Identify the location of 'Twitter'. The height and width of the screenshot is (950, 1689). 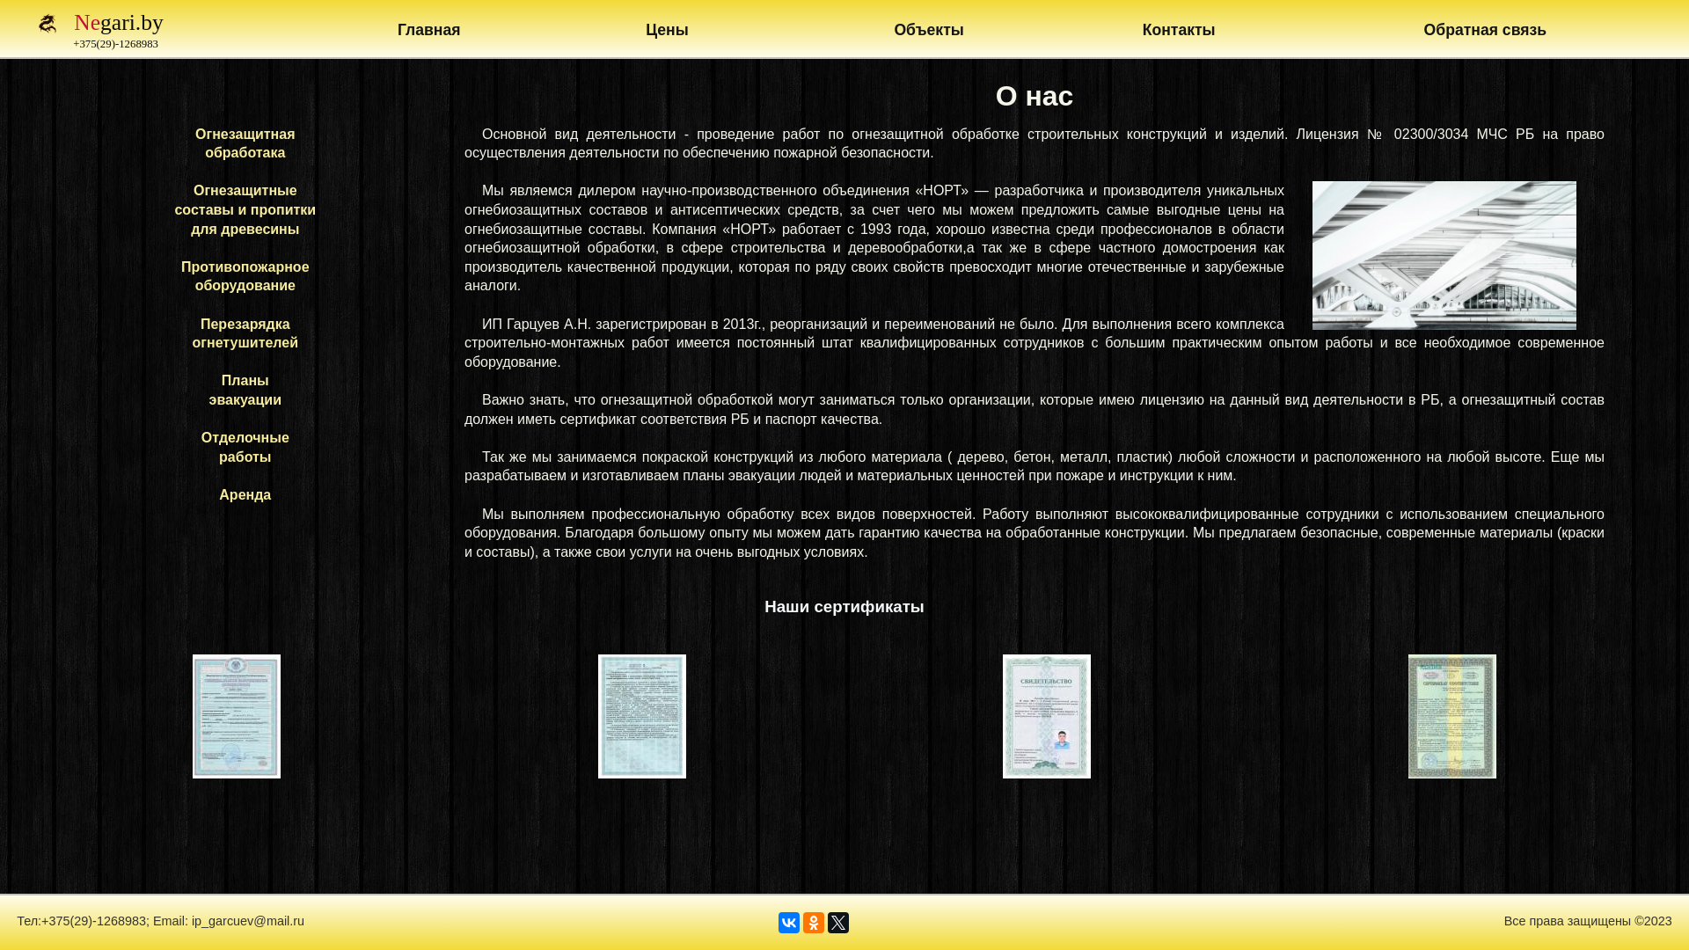
(837, 922).